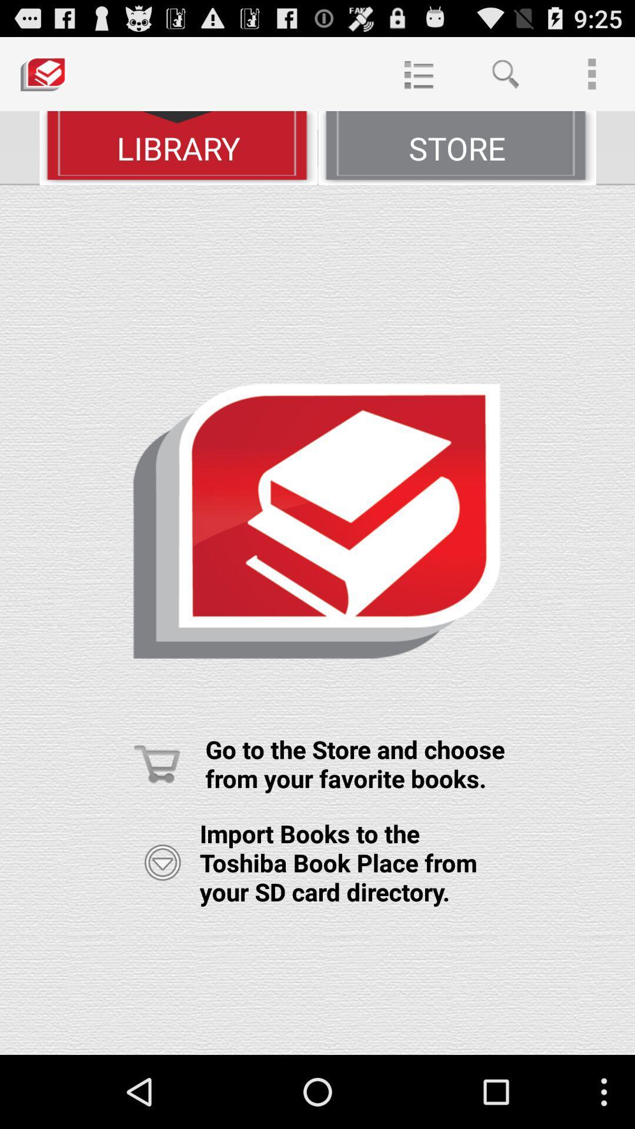  I want to click on open the import books, so click(162, 863).